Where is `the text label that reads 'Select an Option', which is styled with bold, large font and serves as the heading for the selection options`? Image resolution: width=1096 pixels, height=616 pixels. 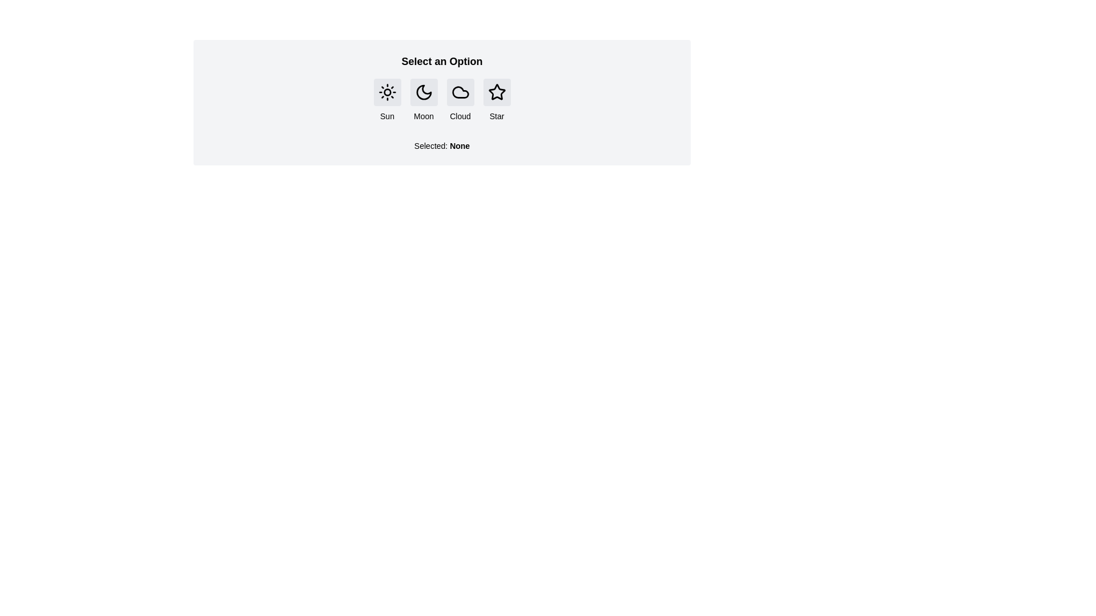 the text label that reads 'Select an Option', which is styled with bold, large font and serves as the heading for the selection options is located at coordinates (441, 62).